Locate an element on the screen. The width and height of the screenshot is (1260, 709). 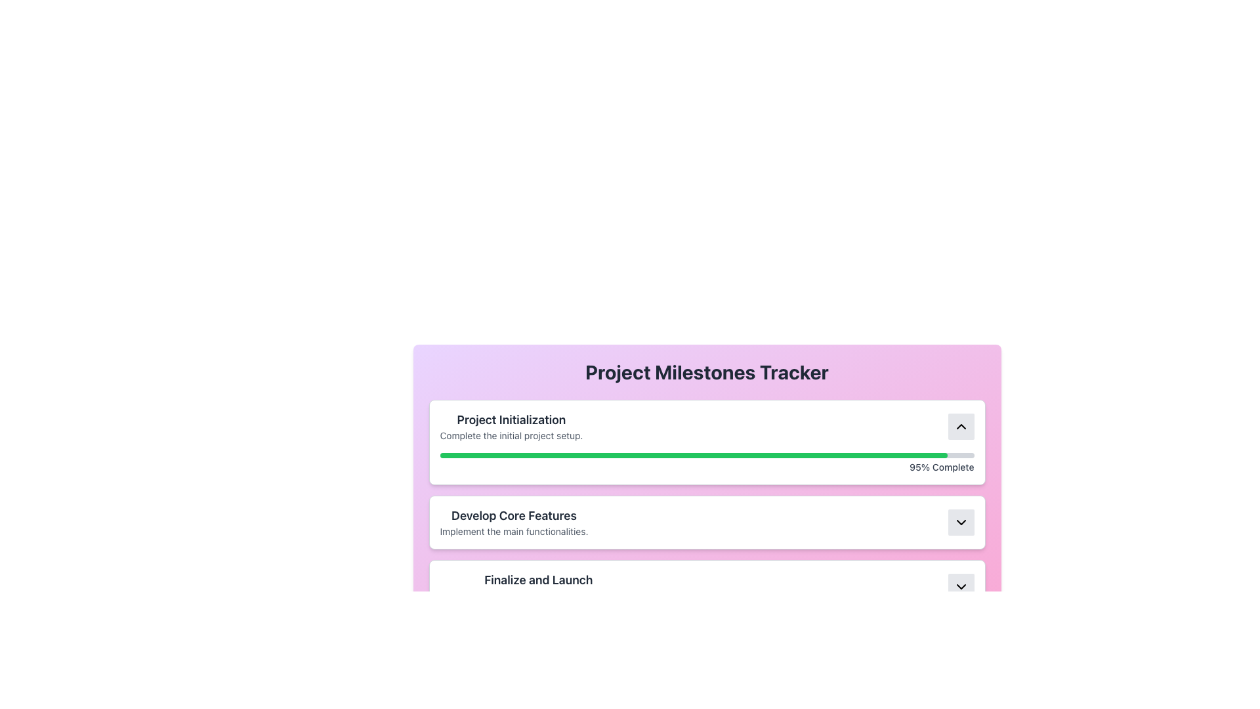
on the 'Develop Core Features' informational card located centrally in the project tracker interface, positioned between 'Project Initialization' and 'Finalize and Launch' sections is located at coordinates (706, 505).